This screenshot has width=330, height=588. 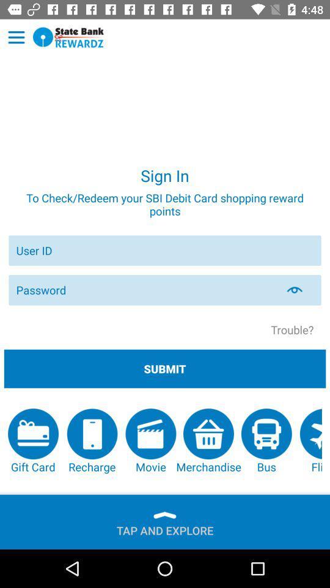 What do you see at coordinates (165, 527) in the screenshot?
I see `item below the gift card app` at bounding box center [165, 527].